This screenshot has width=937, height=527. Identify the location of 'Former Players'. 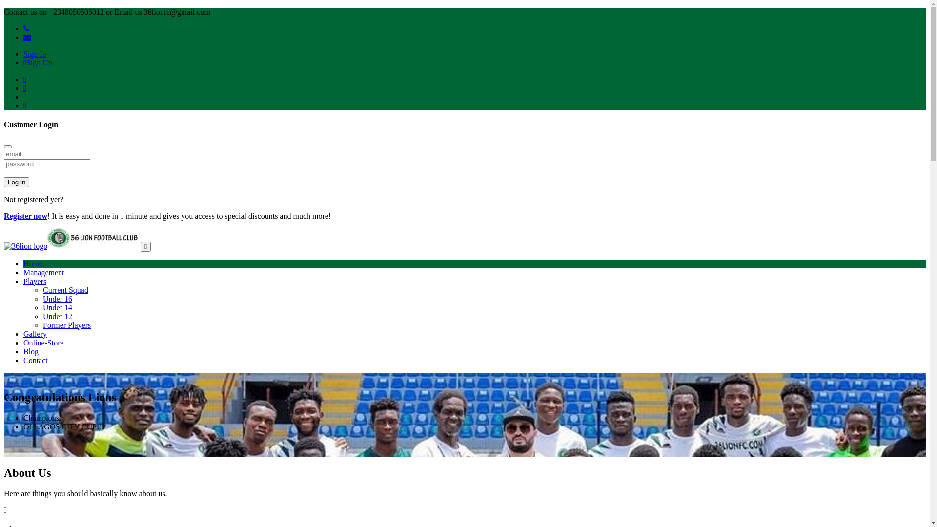
(66, 325).